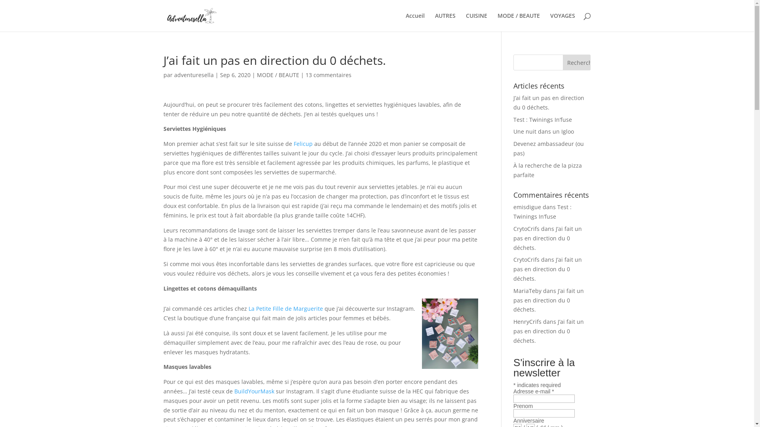 The height and width of the screenshot is (427, 760). I want to click on 'Accueil', so click(414, 22).